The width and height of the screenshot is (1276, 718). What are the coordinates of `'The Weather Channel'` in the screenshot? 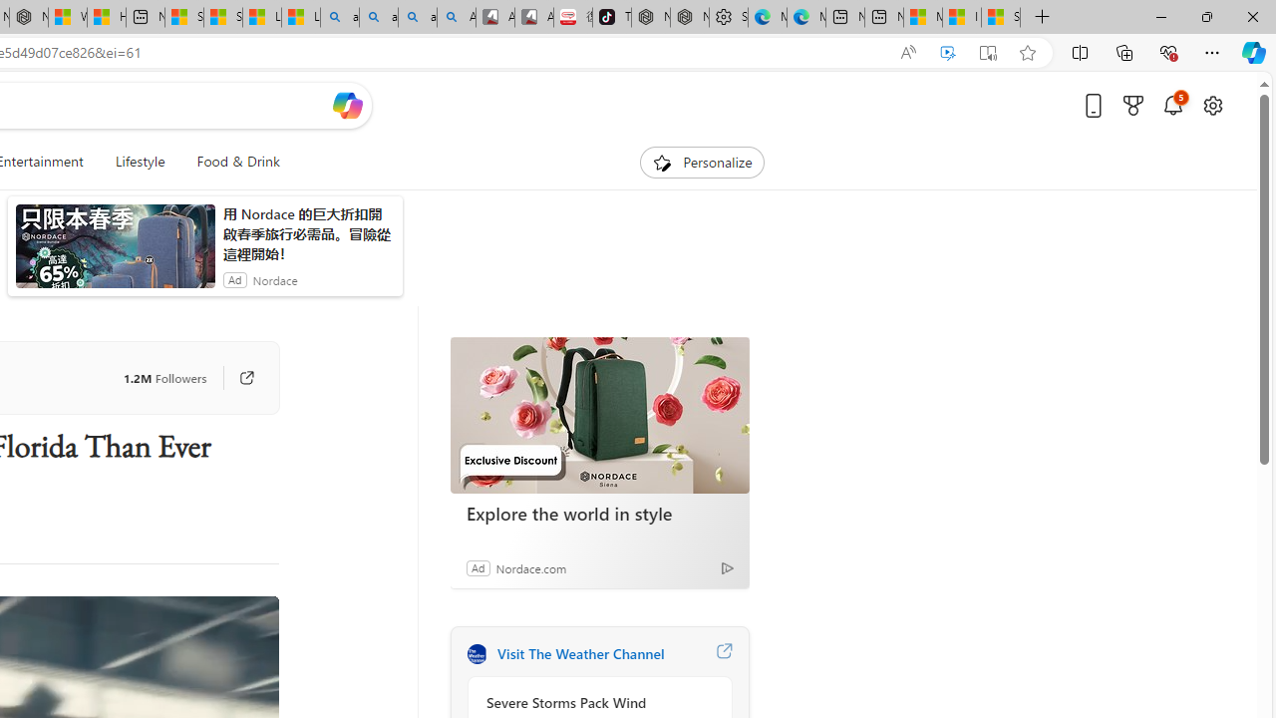 It's located at (476, 653).